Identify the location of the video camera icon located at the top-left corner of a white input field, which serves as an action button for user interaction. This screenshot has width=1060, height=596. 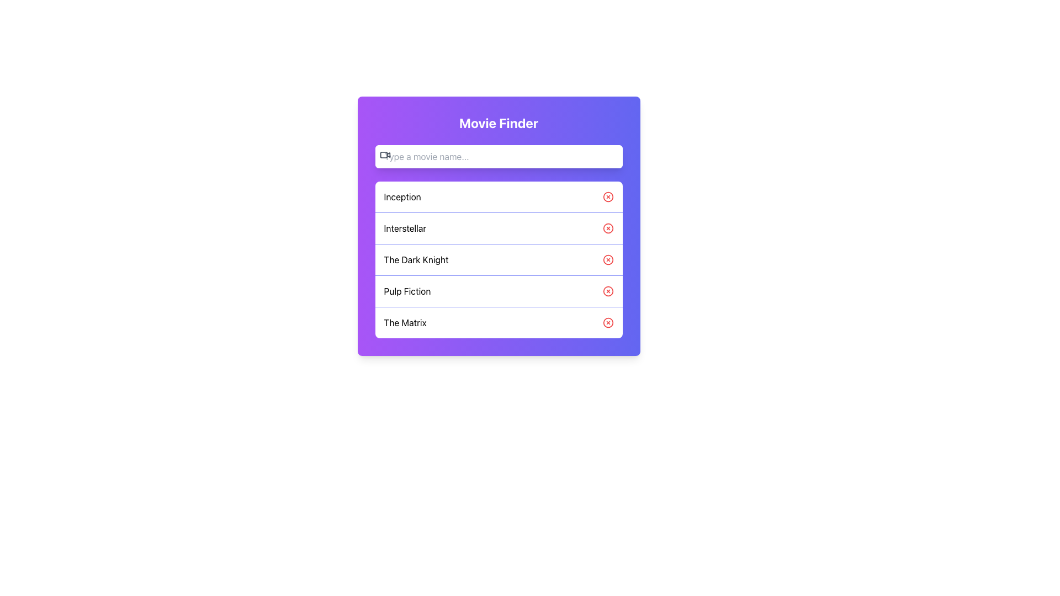
(385, 155).